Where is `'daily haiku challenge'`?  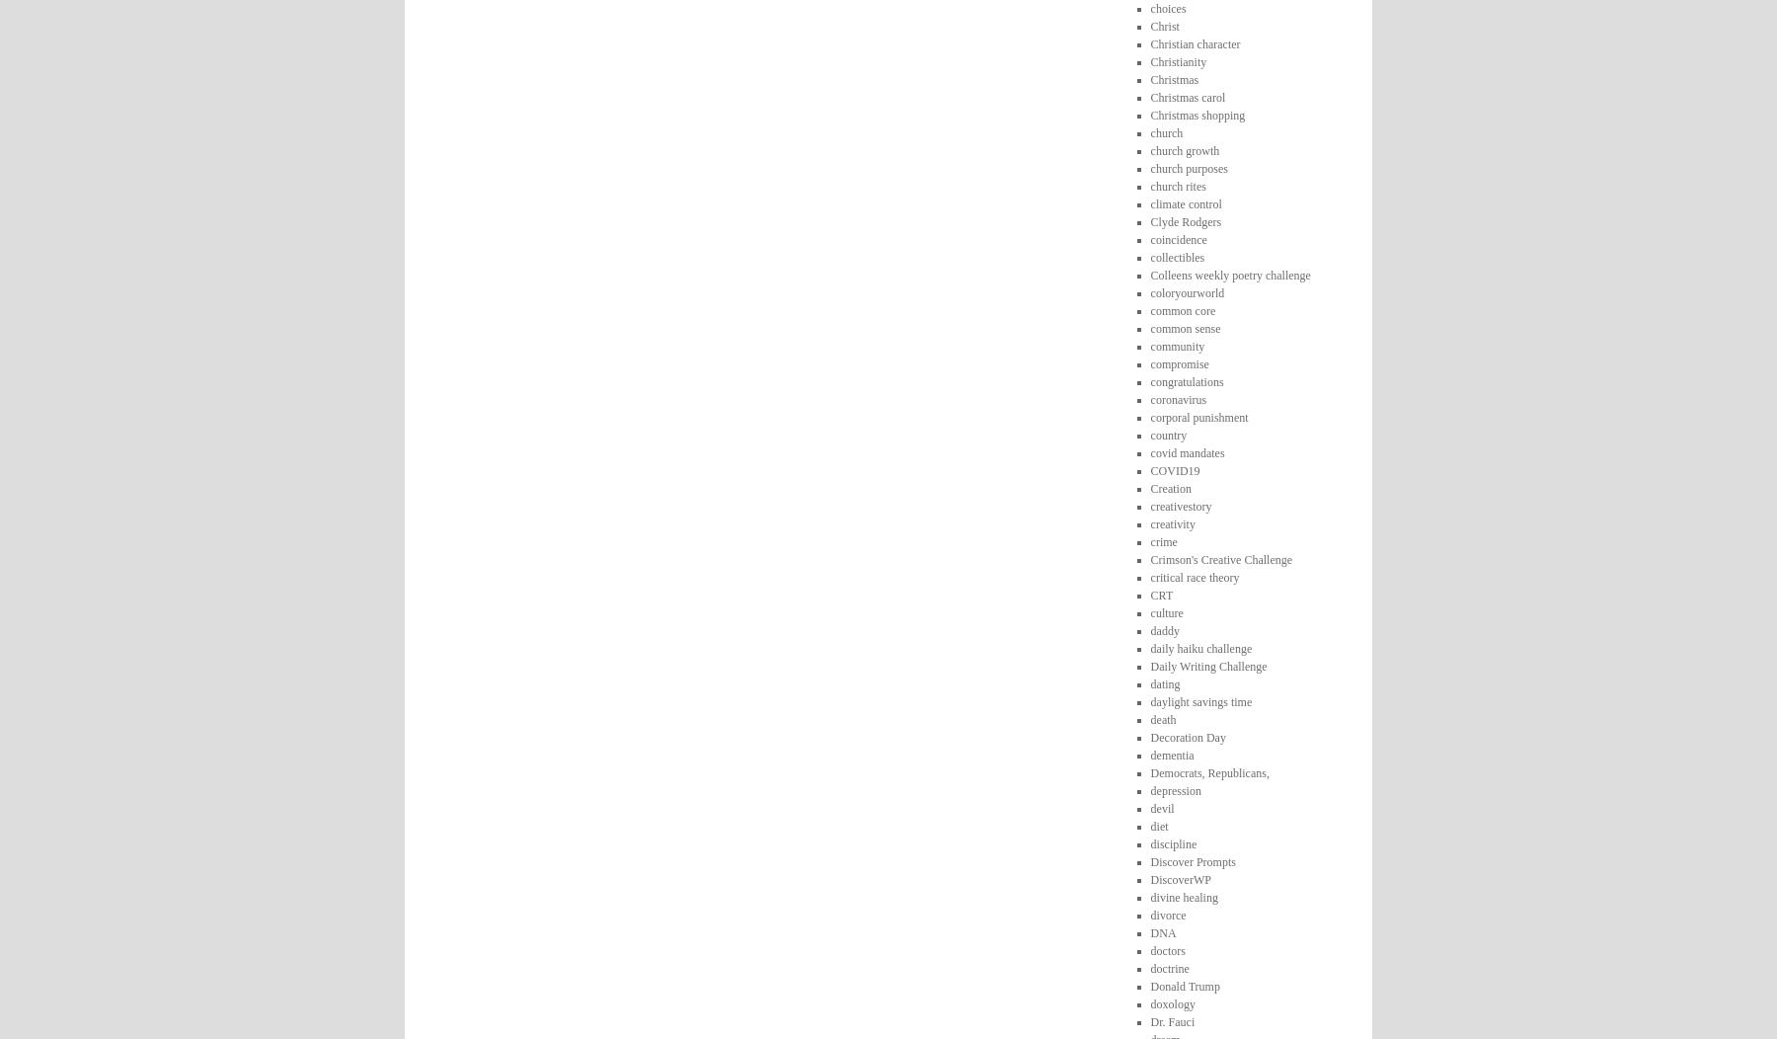
'daily haiku challenge' is located at coordinates (1148, 648).